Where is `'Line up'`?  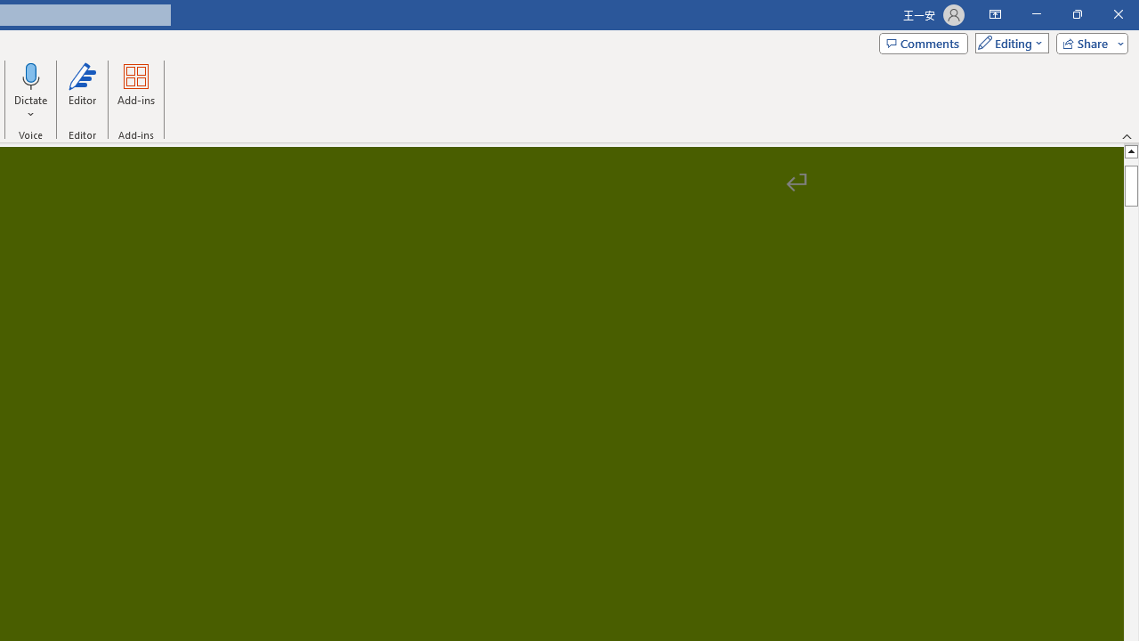
'Line up' is located at coordinates (1130, 150).